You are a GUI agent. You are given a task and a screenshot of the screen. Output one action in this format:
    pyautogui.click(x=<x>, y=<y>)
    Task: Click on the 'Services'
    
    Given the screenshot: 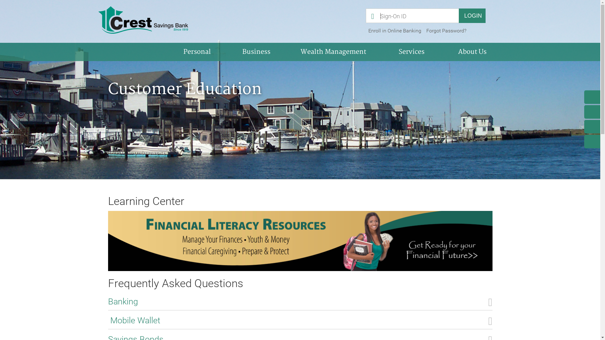 What is the action you would take?
    pyautogui.click(x=412, y=52)
    